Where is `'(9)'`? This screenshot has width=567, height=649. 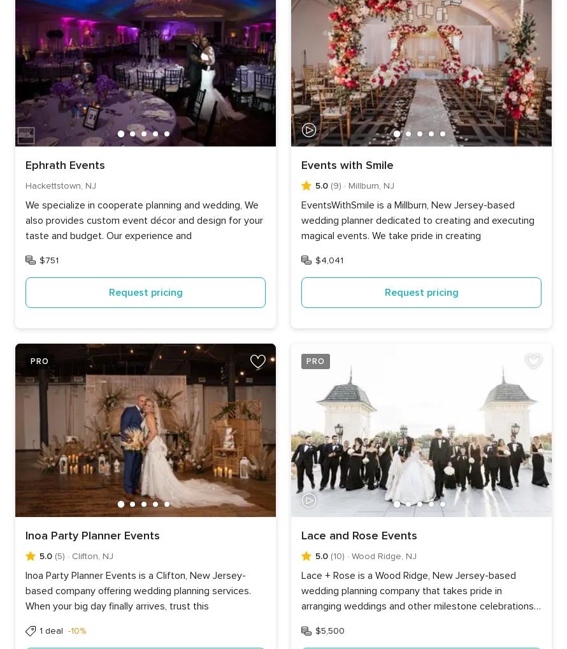
'(9)' is located at coordinates (334, 185).